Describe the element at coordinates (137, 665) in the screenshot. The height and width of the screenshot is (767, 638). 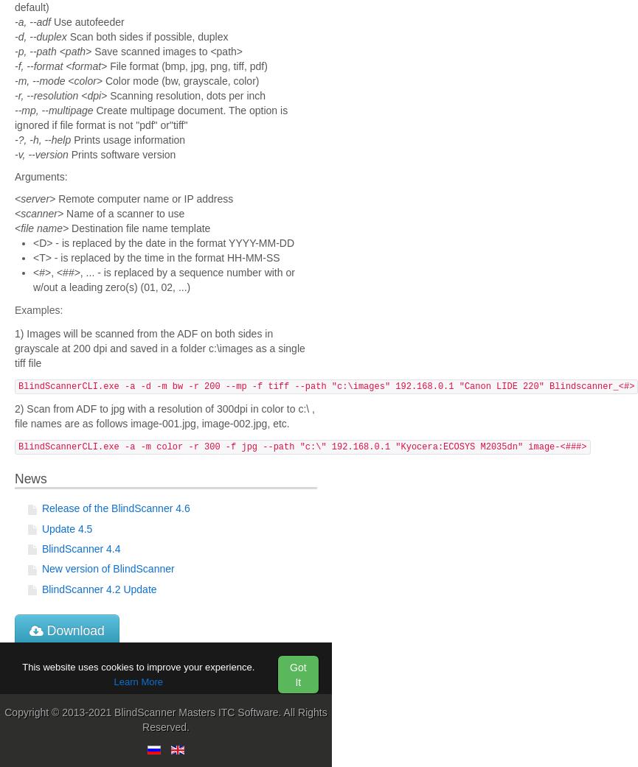
I see `'This website uses cookies to improve your experience.'` at that location.